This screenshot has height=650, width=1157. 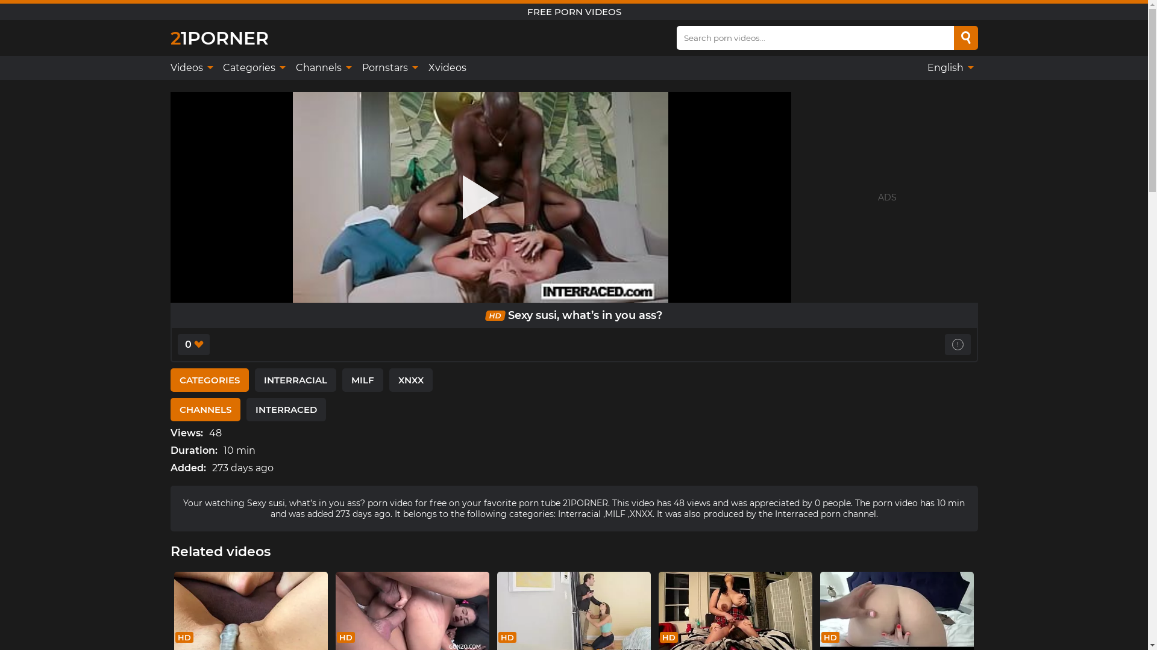 What do you see at coordinates (295, 380) in the screenshot?
I see `'INTERRACIAL'` at bounding box center [295, 380].